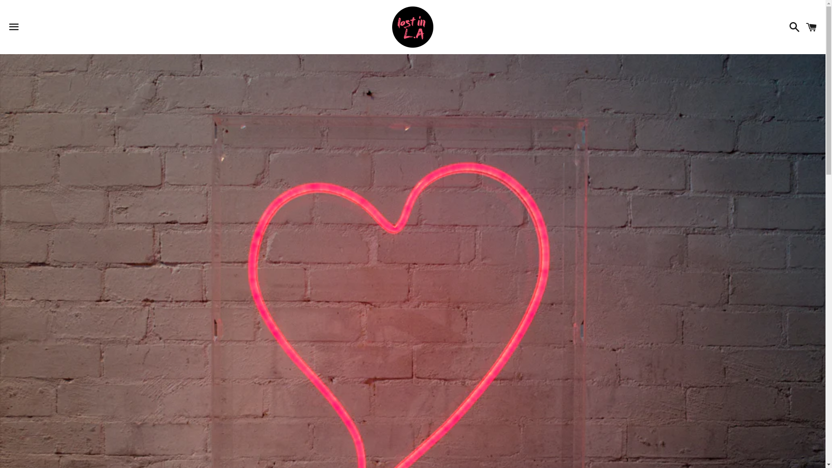 The height and width of the screenshot is (468, 832). I want to click on 'Menu', so click(4, 26).